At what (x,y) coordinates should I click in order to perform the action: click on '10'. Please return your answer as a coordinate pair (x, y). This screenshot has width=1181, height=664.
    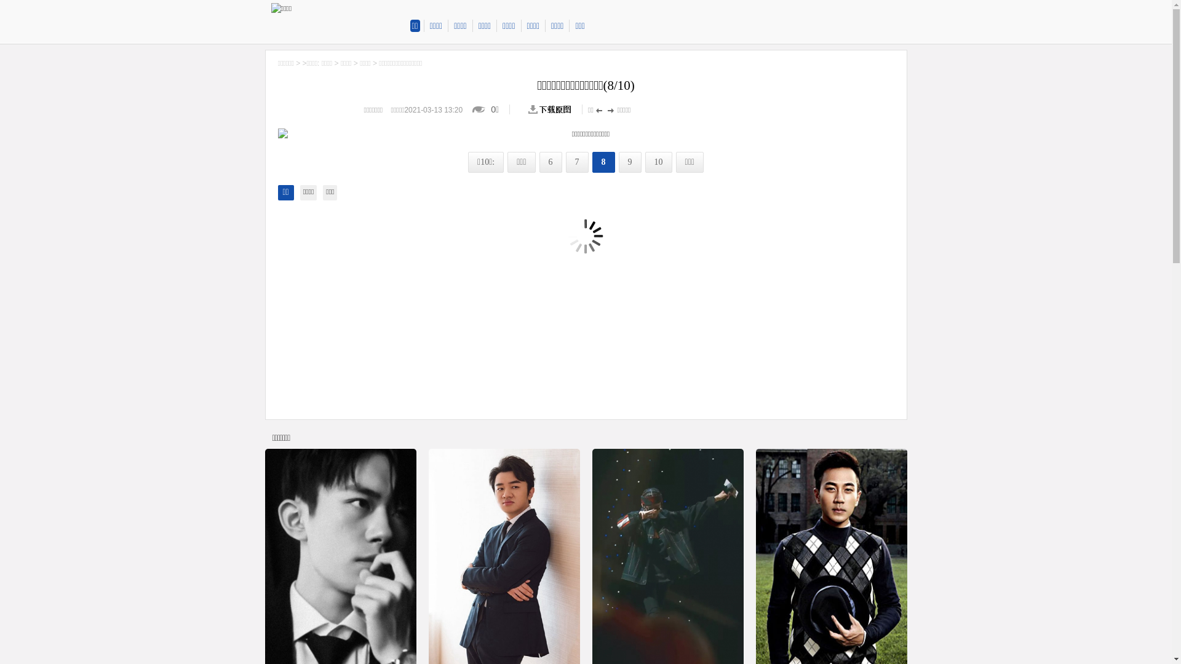
    Looking at the image, I should click on (658, 161).